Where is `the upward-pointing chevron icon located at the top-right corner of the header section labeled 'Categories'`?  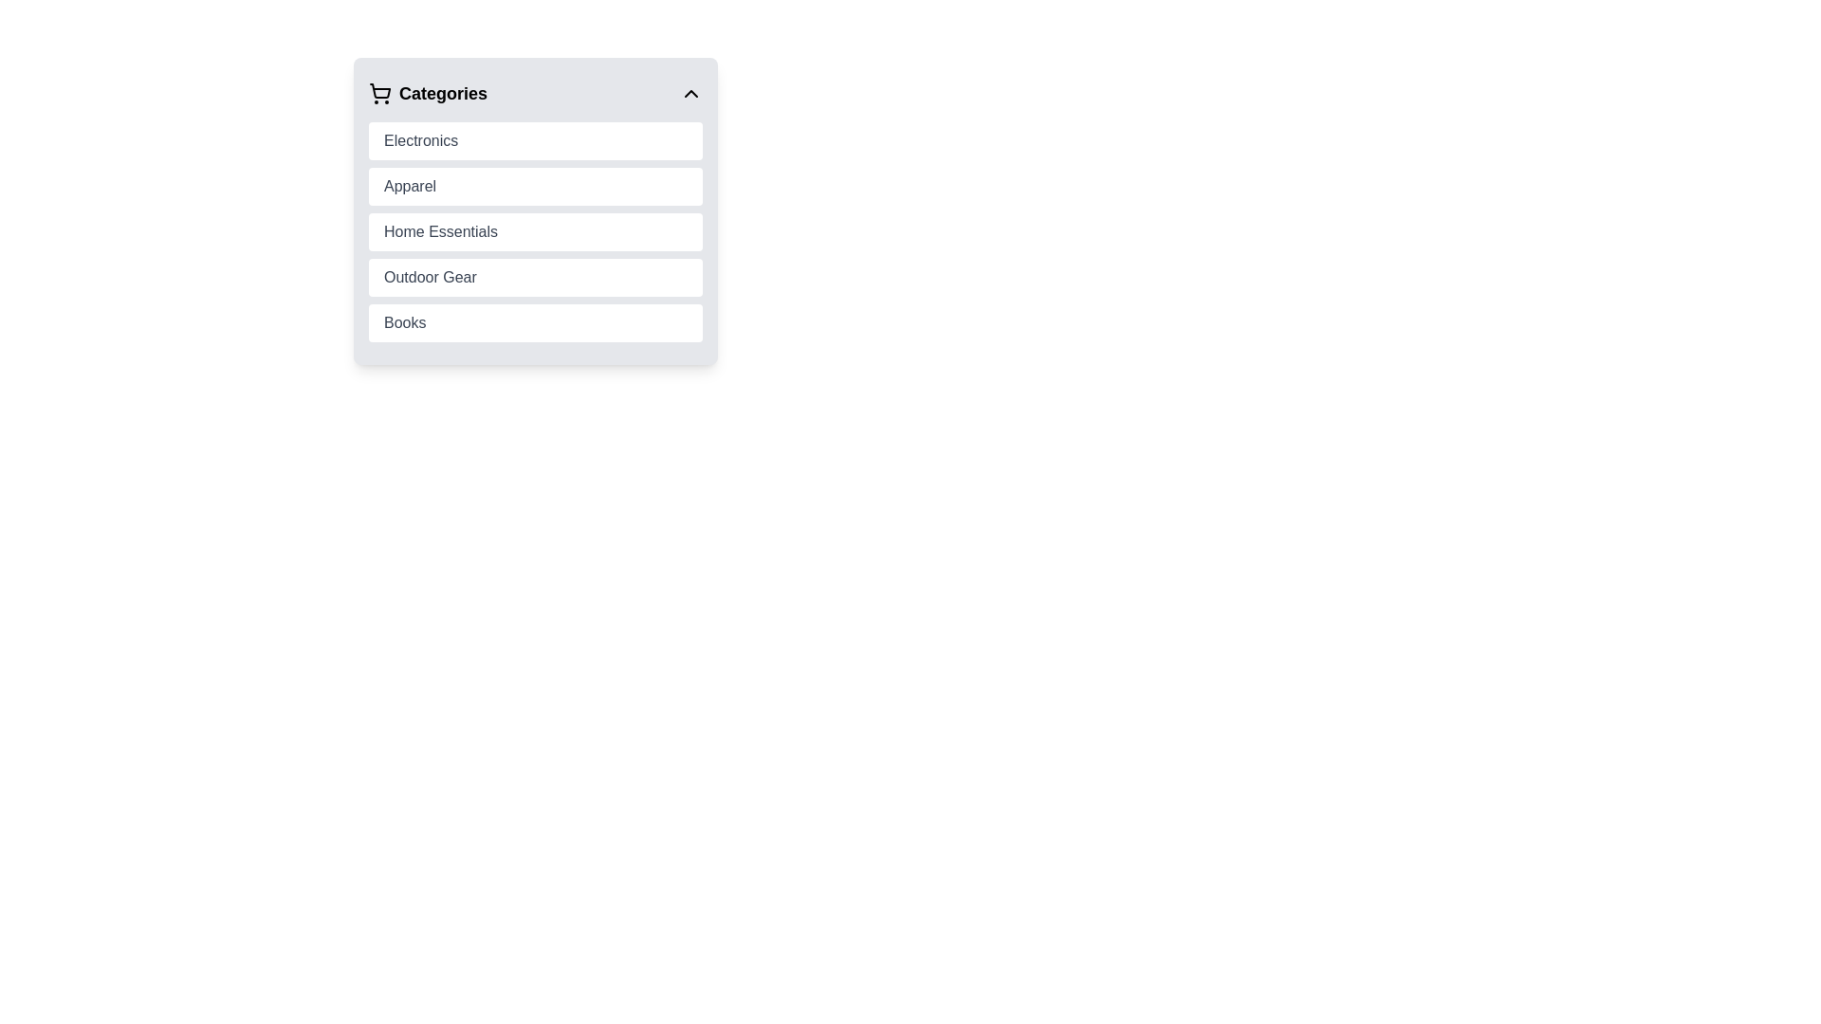 the upward-pointing chevron icon located at the top-right corner of the header section labeled 'Categories' is located at coordinates (690, 94).